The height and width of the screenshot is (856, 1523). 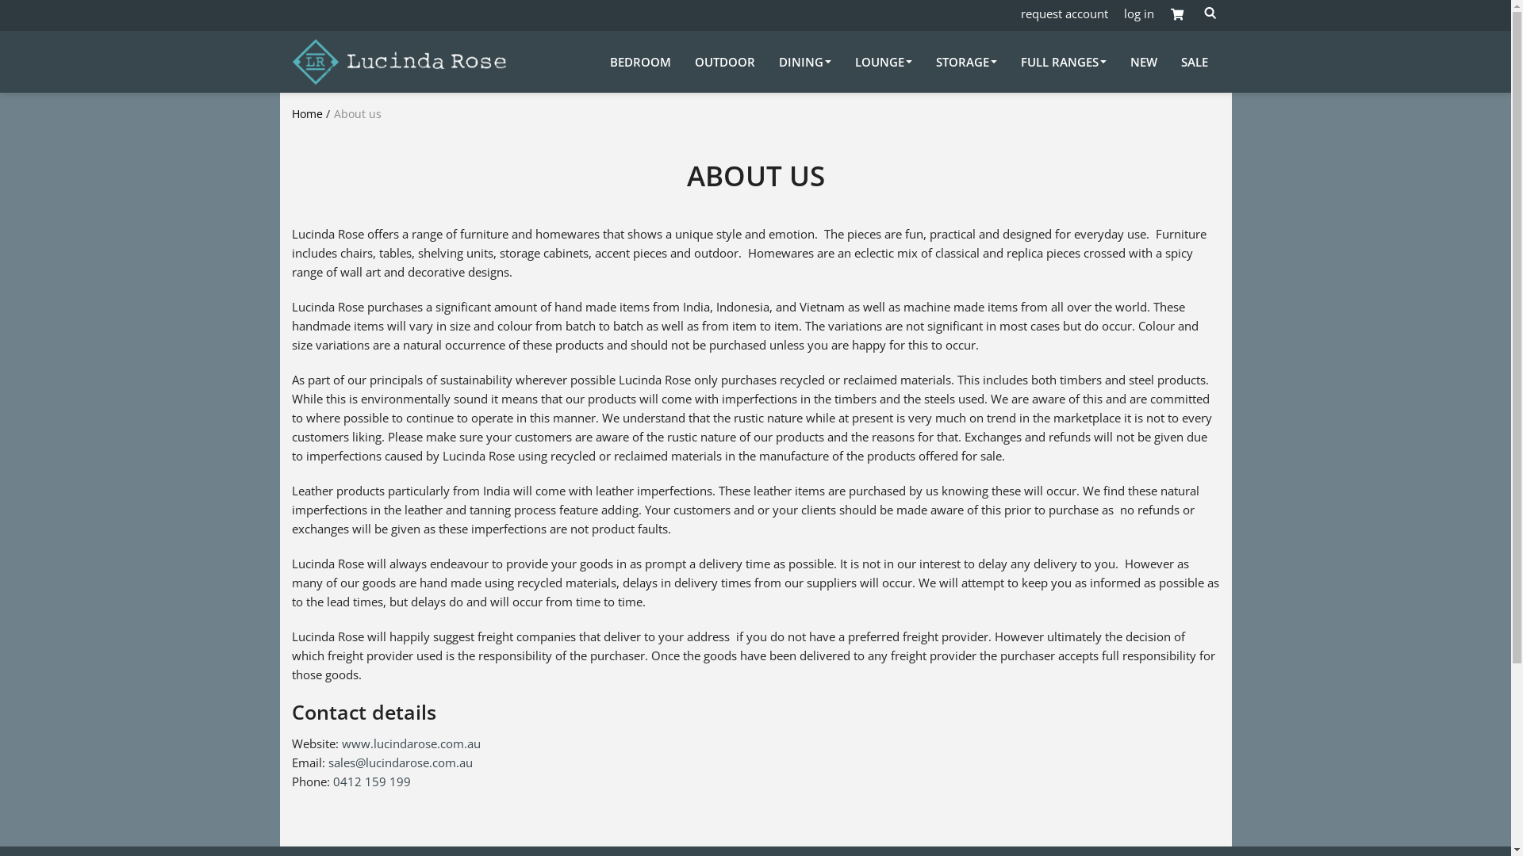 What do you see at coordinates (410, 743) in the screenshot?
I see `'www.lucindarose.com.au'` at bounding box center [410, 743].